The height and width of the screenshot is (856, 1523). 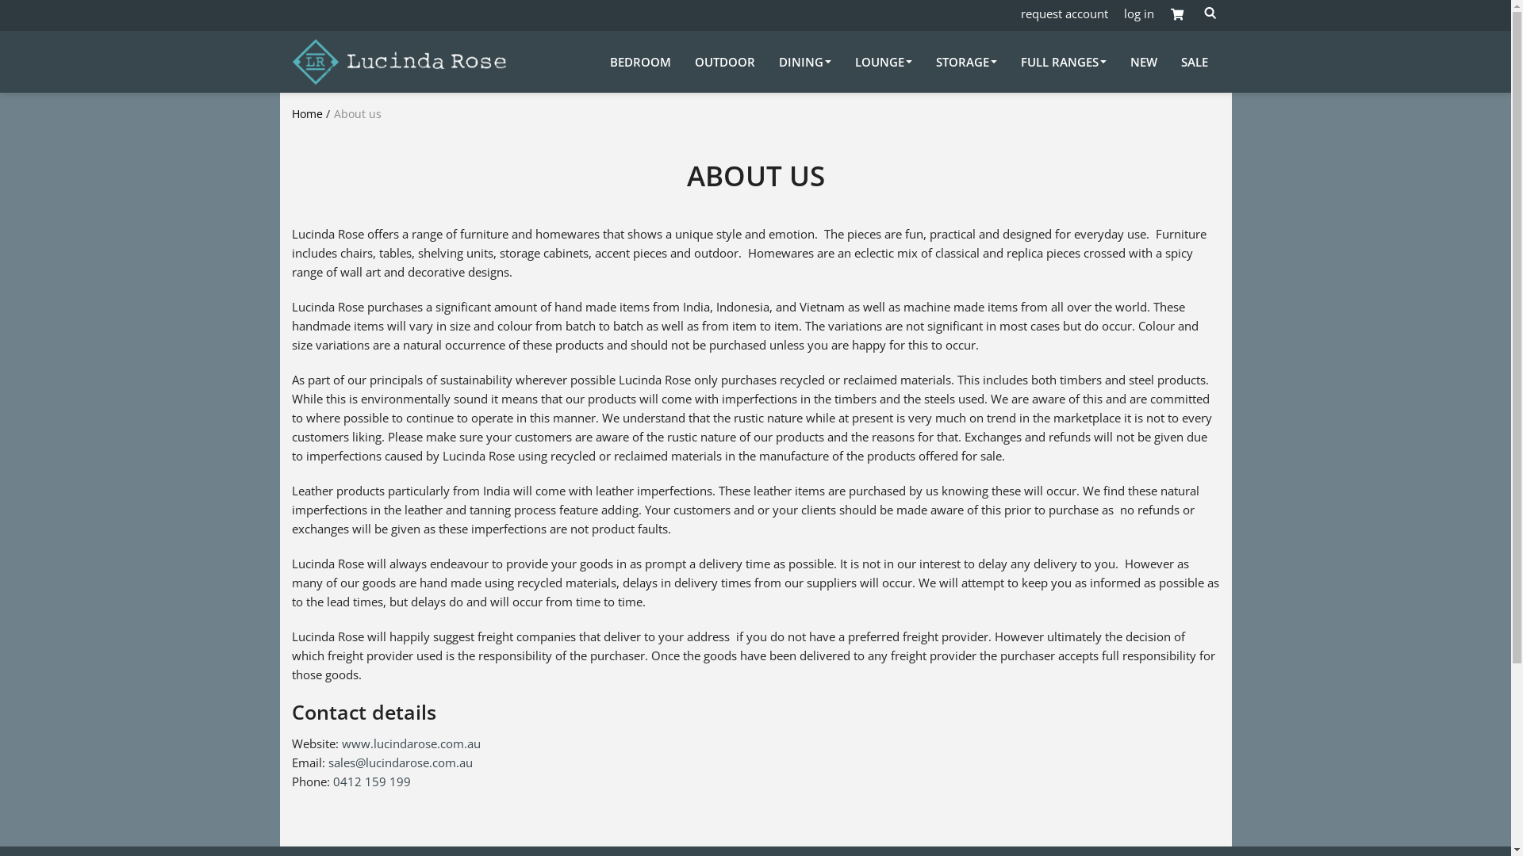 What do you see at coordinates (410, 743) in the screenshot?
I see `'www.lucindarose.com.au'` at bounding box center [410, 743].